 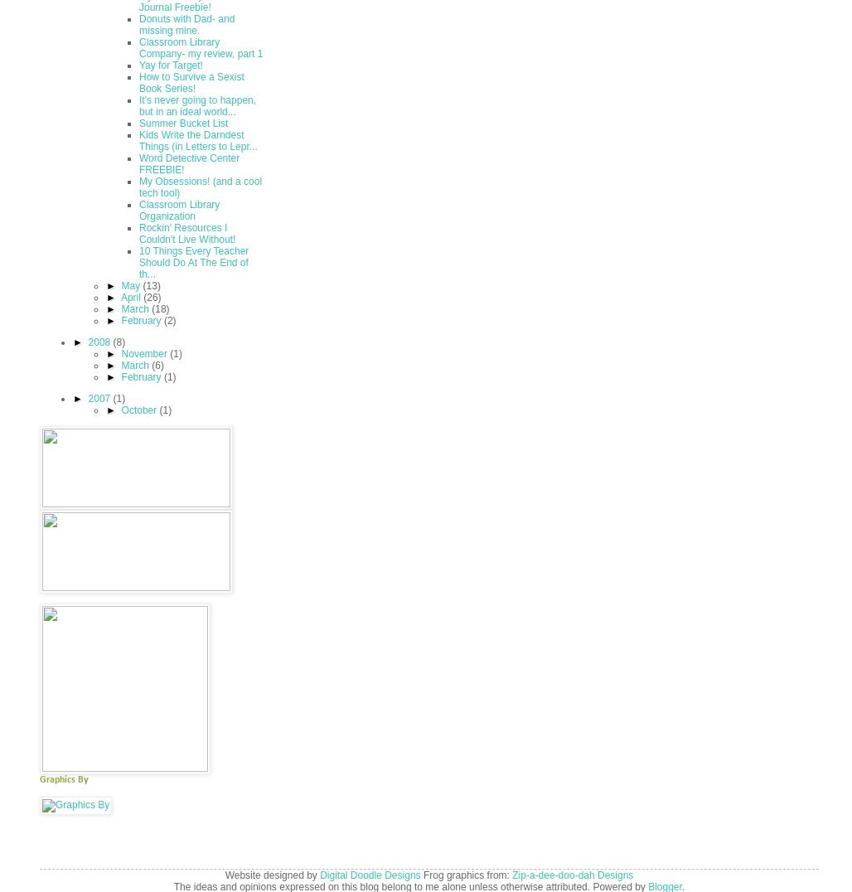 I want to click on 'Rockin' Resources I Couldn't Live Without!', so click(x=186, y=233).